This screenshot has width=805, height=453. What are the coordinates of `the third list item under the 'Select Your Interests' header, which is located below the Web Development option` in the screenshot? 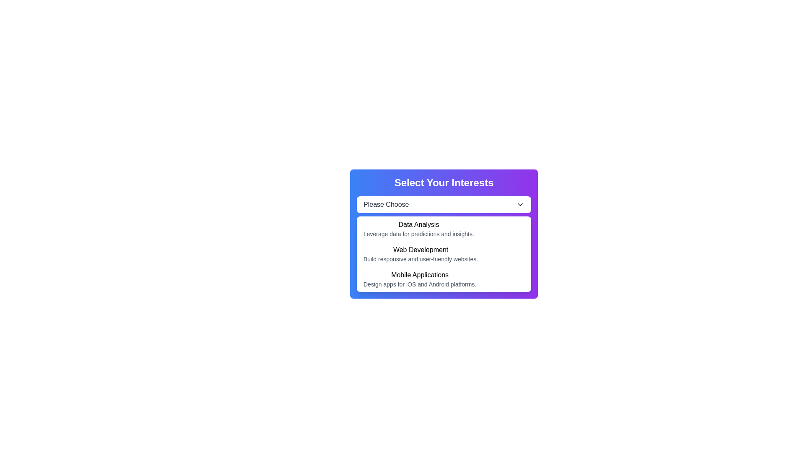 It's located at (444, 279).